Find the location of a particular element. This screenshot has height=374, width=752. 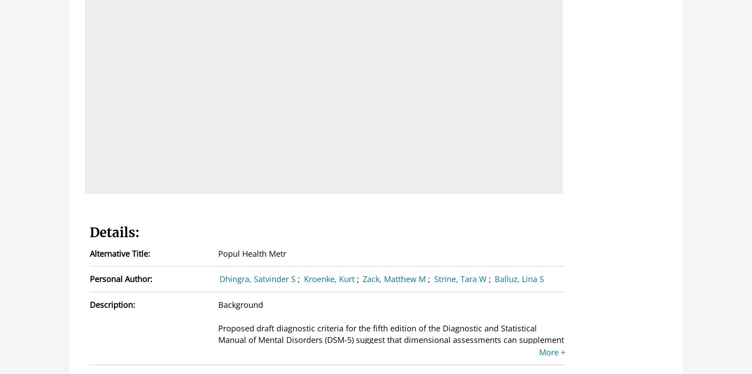

'Background' is located at coordinates (240, 304).